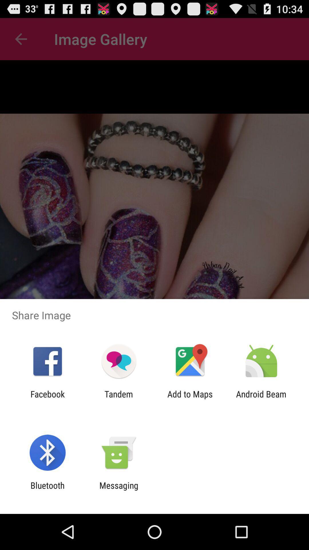 This screenshot has height=550, width=309. Describe the element at coordinates (118, 490) in the screenshot. I see `the messaging item` at that location.